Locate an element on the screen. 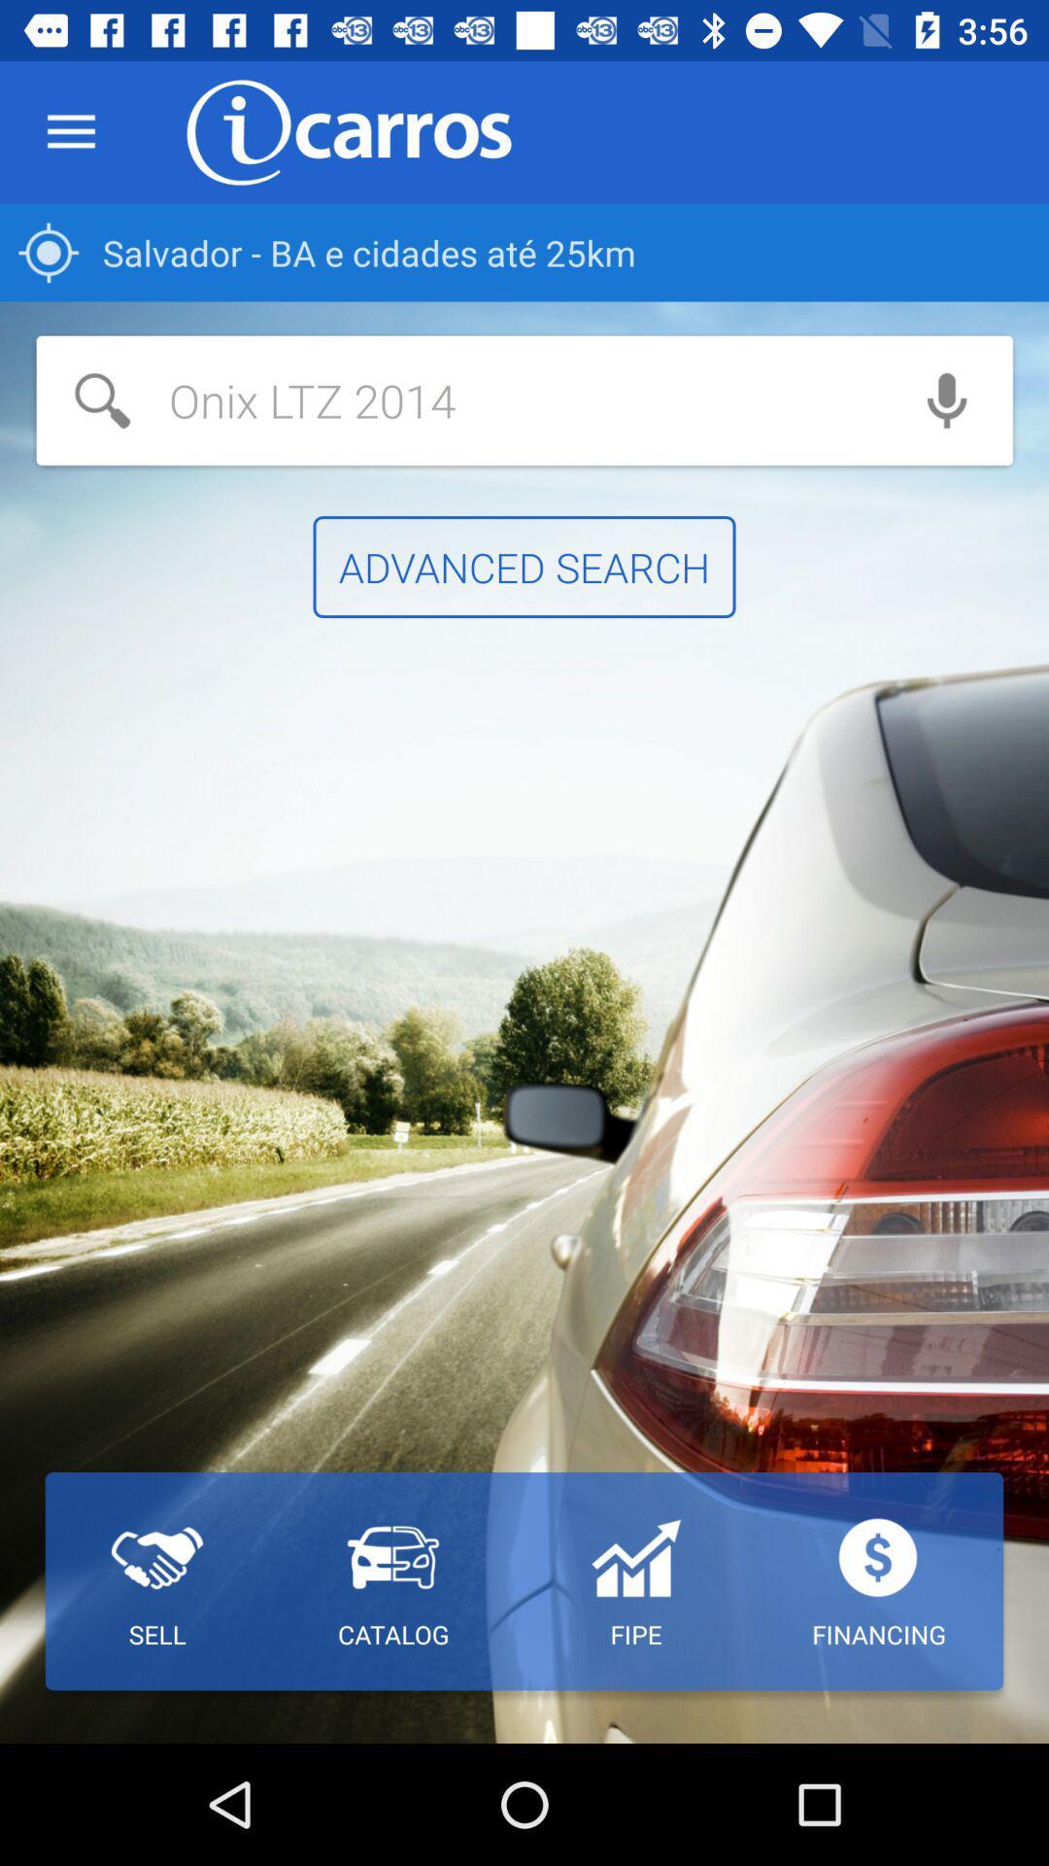 This screenshot has height=1866, width=1049. the icon at the top right corner is located at coordinates (946, 399).